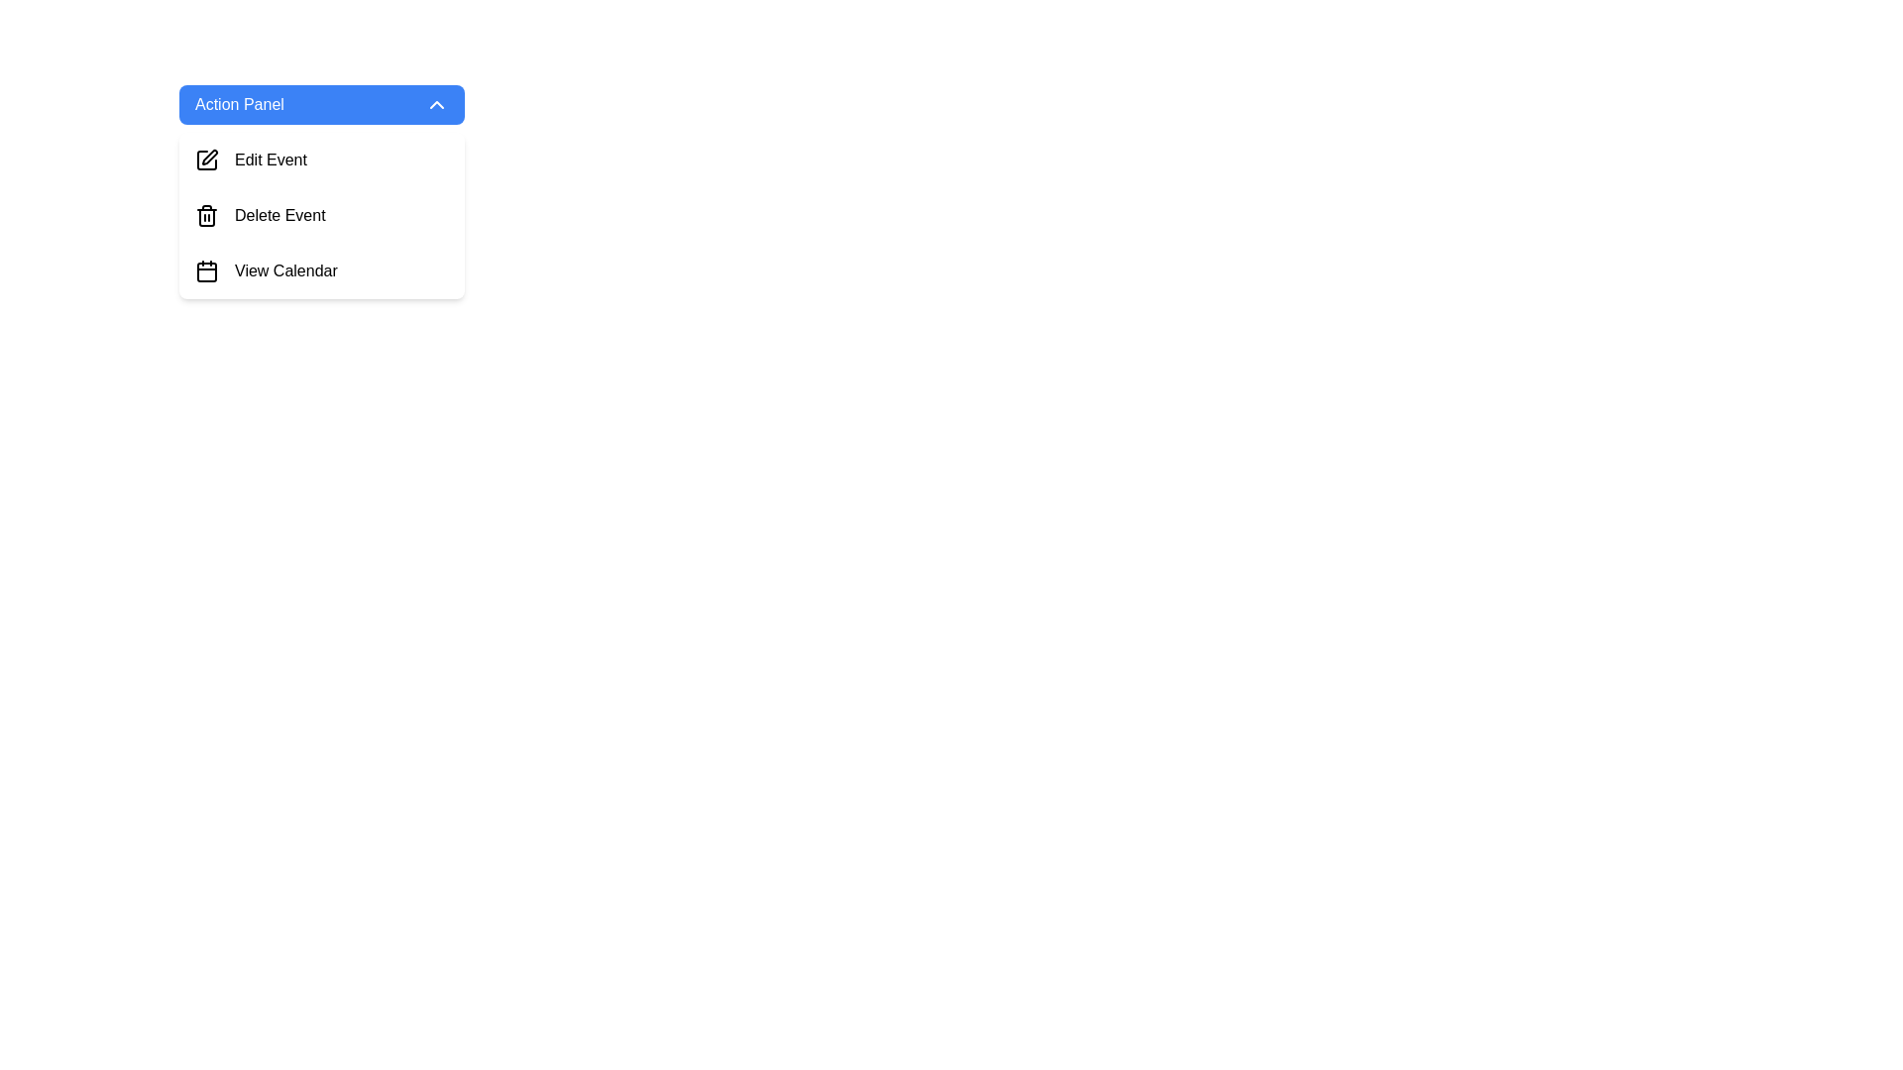  I want to click on the trash bin icon located to the left of the 'Delete Event' text in the 'Action Panel' dropdown menu, so click(207, 216).